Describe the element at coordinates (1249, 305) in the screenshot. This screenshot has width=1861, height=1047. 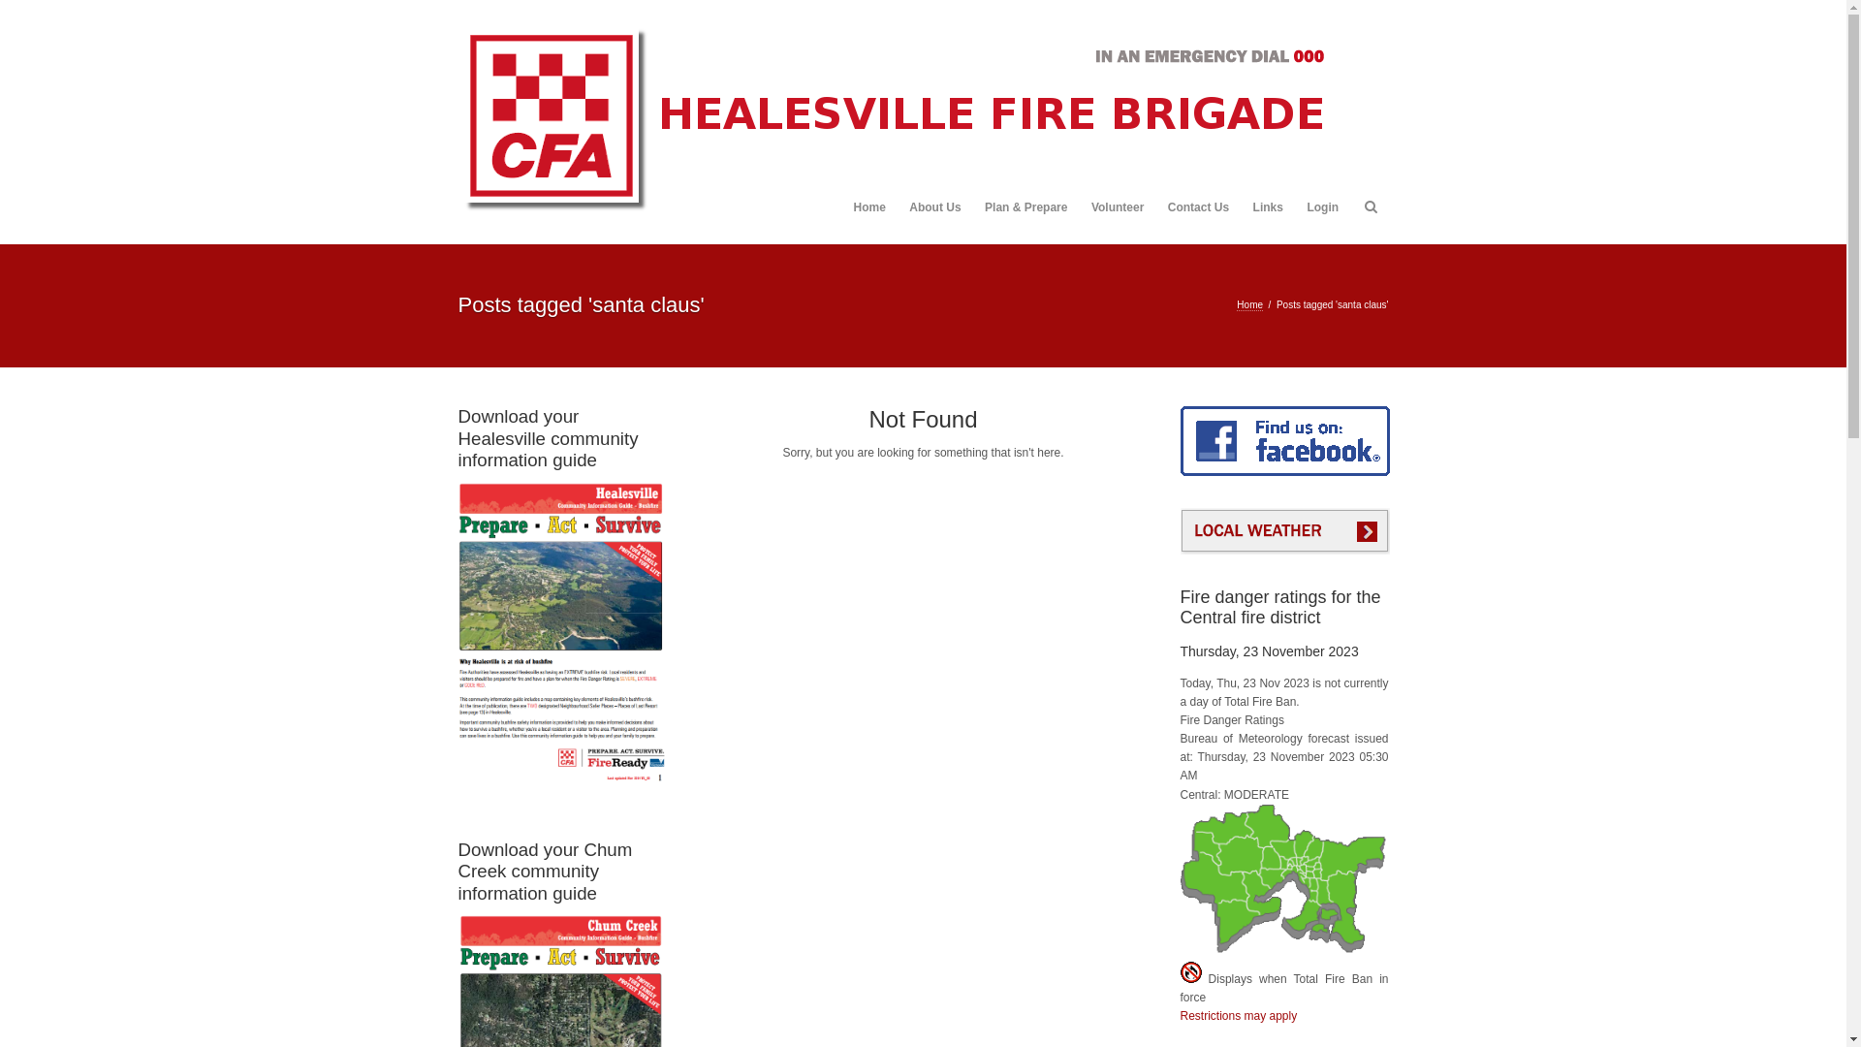
I see `'Home'` at that location.